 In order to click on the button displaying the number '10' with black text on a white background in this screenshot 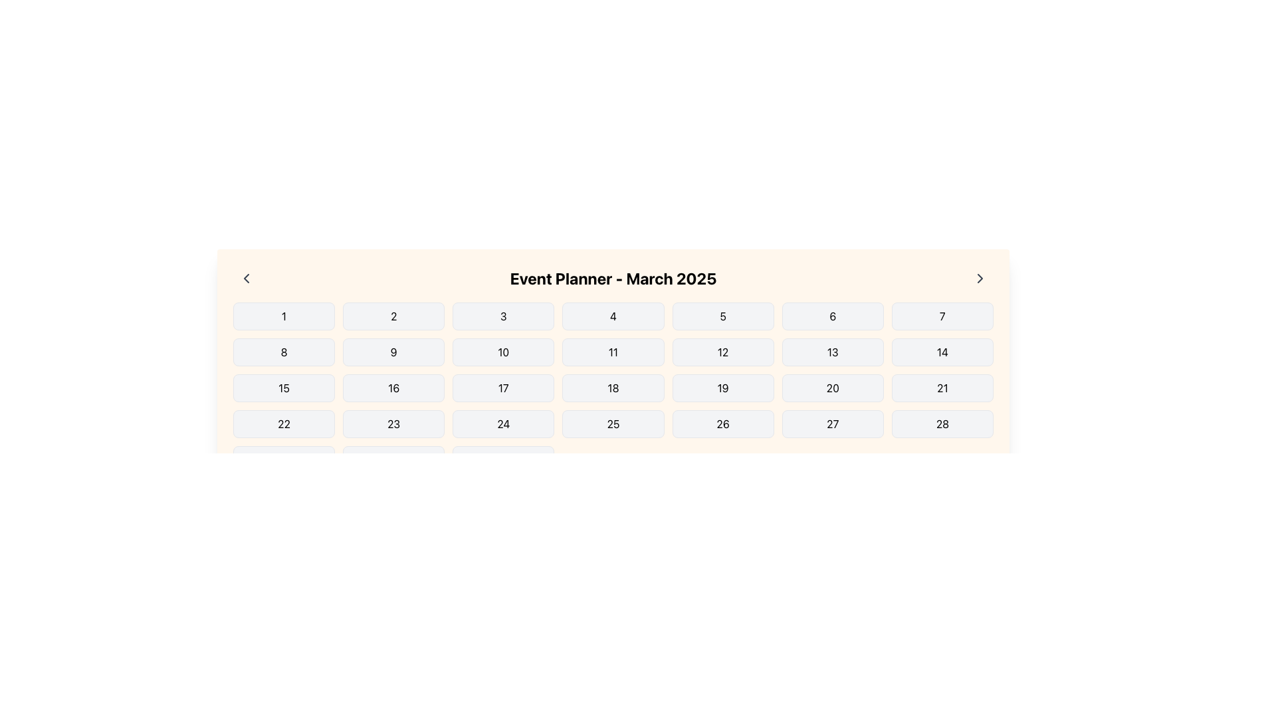, I will do `click(502, 351)`.